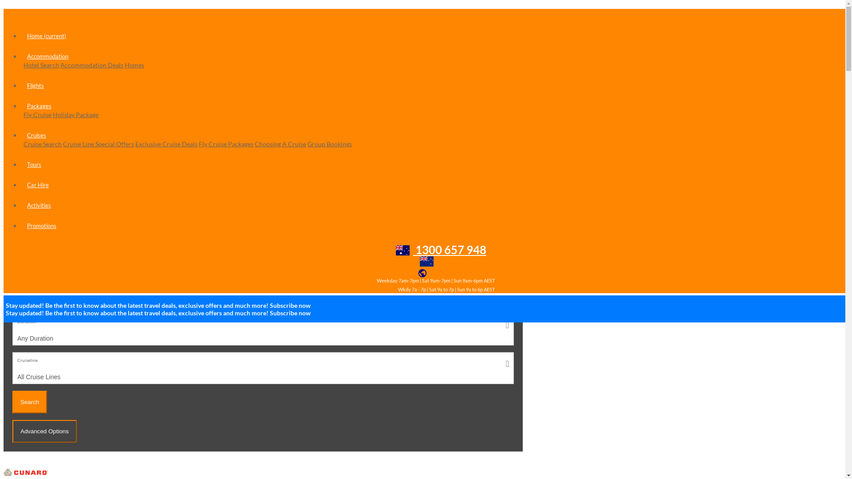  Describe the element at coordinates (75, 114) in the screenshot. I see `'Holiday Package'` at that location.